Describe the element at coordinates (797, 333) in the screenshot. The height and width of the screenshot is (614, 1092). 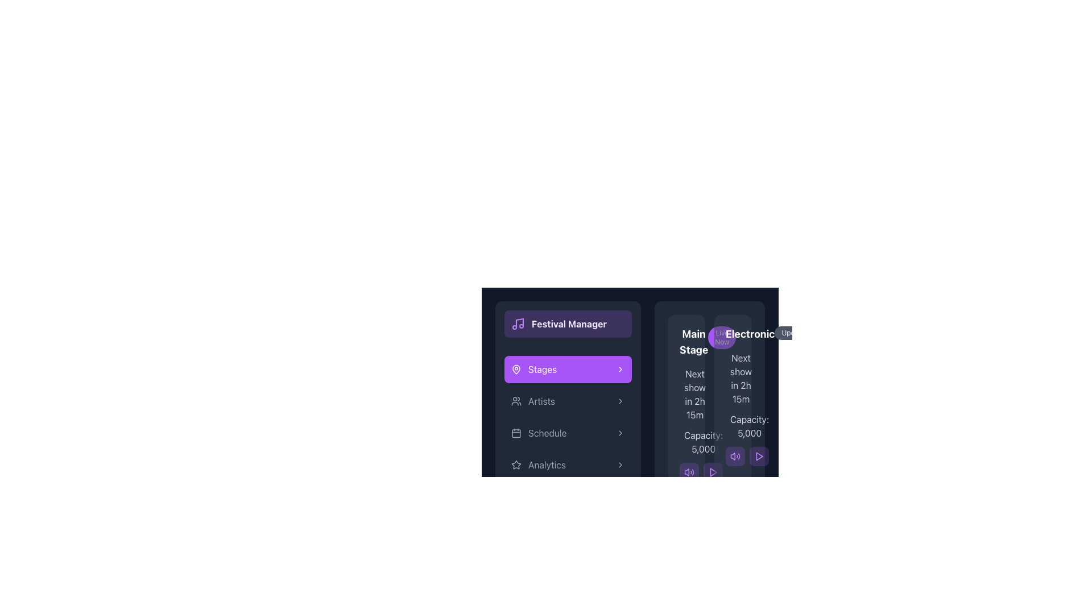
I see `the 'Upcoming' badge, a small rounded rectangular element with a dark gray background and white text, positioned next to the text 'Electronic'` at that location.